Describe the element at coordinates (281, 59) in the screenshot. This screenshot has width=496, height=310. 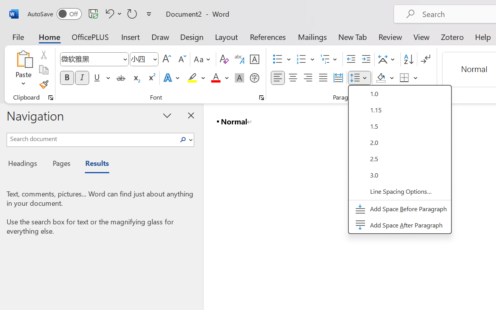
I see `'Bullets'` at that location.